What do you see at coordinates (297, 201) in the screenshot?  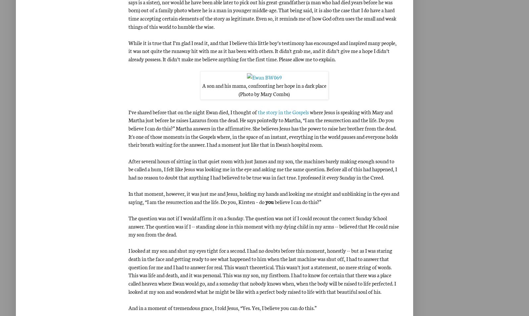 I see `'believe I can do this?”'` at bounding box center [297, 201].